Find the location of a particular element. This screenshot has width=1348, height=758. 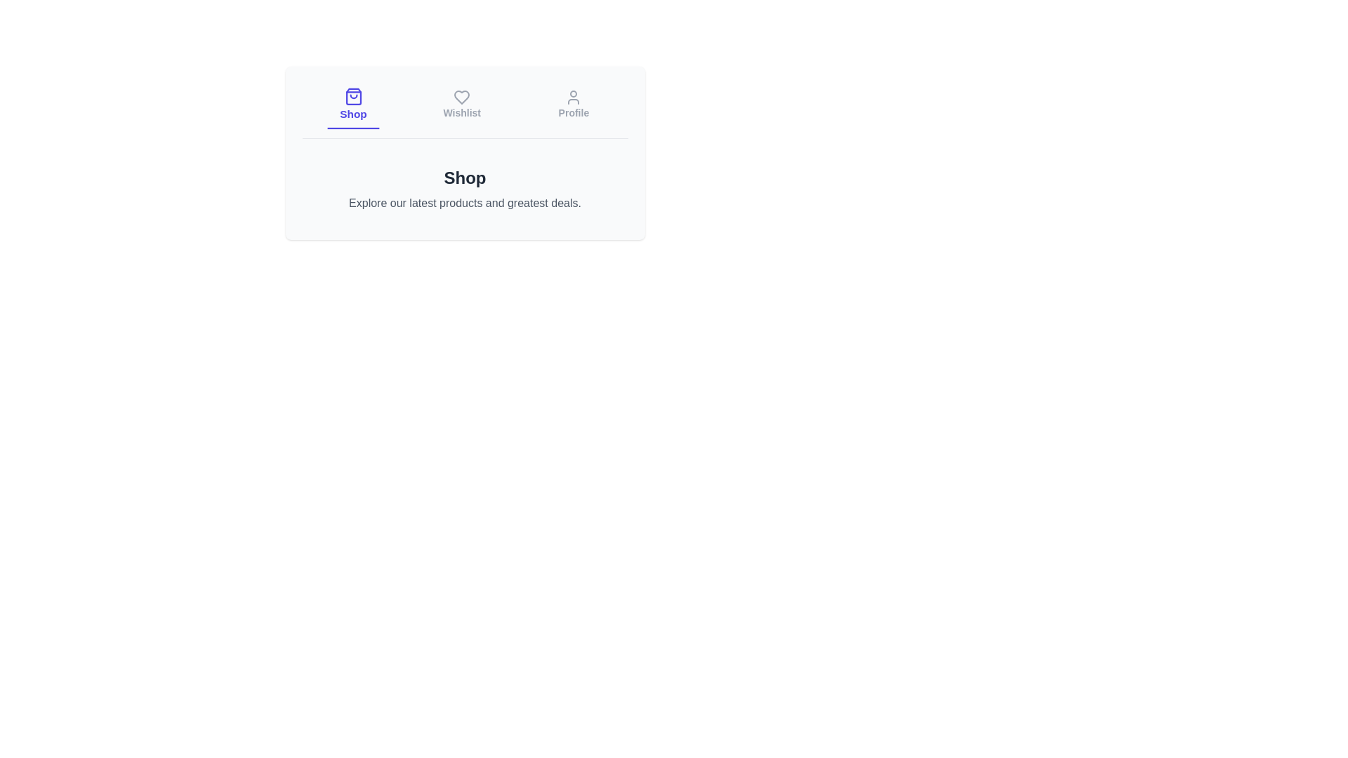

the Shop tab is located at coordinates (353, 105).